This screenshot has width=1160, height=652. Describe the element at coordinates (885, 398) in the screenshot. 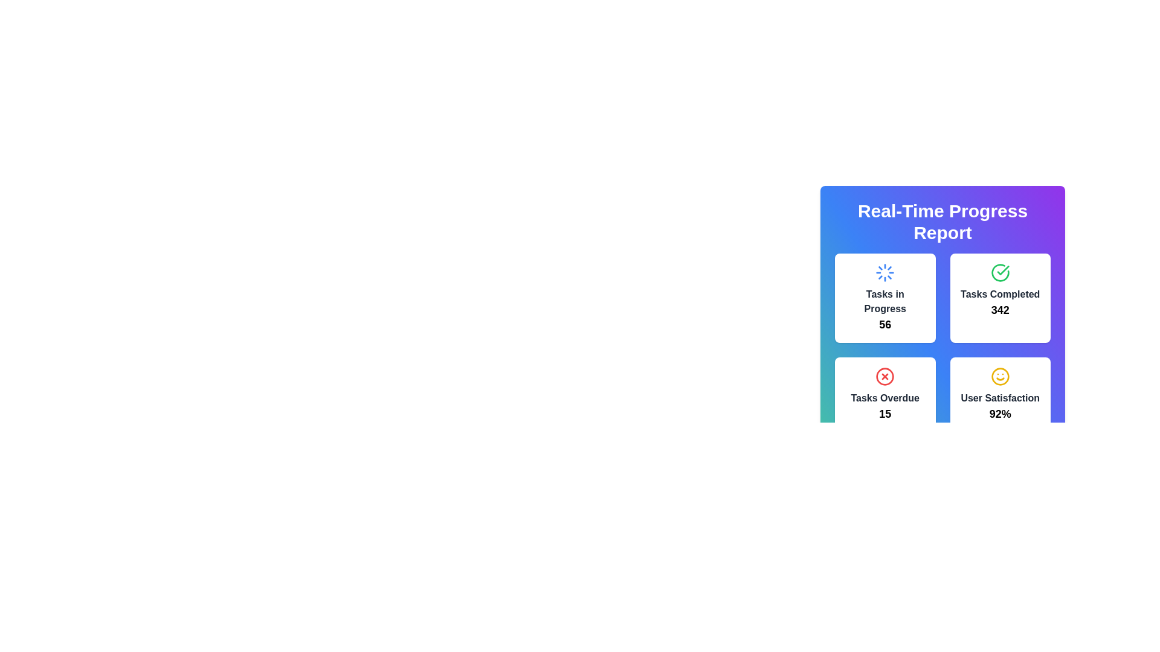

I see `text displayed in the 'Tasks Overdue' label, which is bold and dark gray, centered in the 'Real-Time Progress Report' section` at that location.